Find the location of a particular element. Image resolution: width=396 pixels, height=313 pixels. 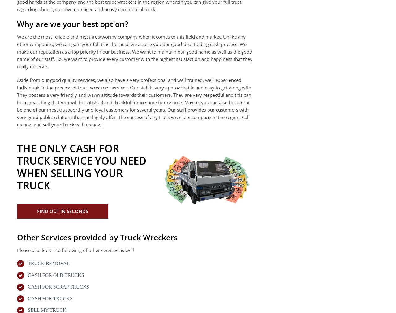

'TRUCK REMOVAL' is located at coordinates (48, 263).